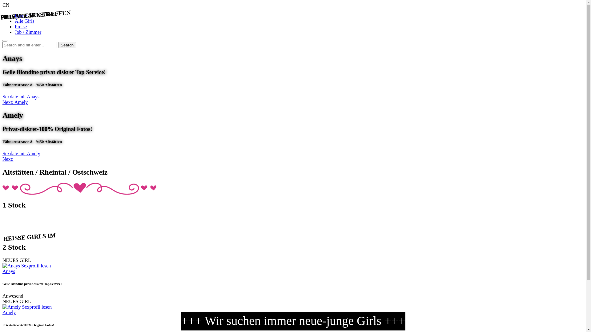 This screenshot has height=332, width=591. What do you see at coordinates (25, 21) in the screenshot?
I see `'Alle Girls'` at bounding box center [25, 21].